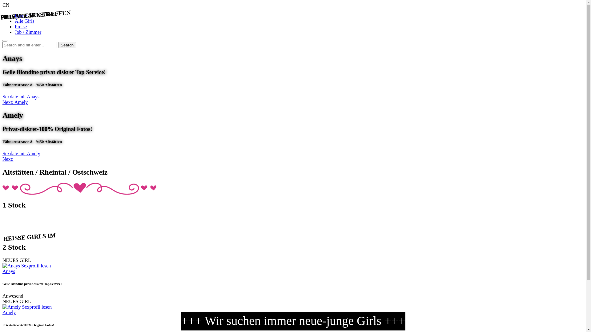 This screenshot has height=332, width=591. What do you see at coordinates (25, 21) in the screenshot?
I see `'Alle Girls'` at bounding box center [25, 21].